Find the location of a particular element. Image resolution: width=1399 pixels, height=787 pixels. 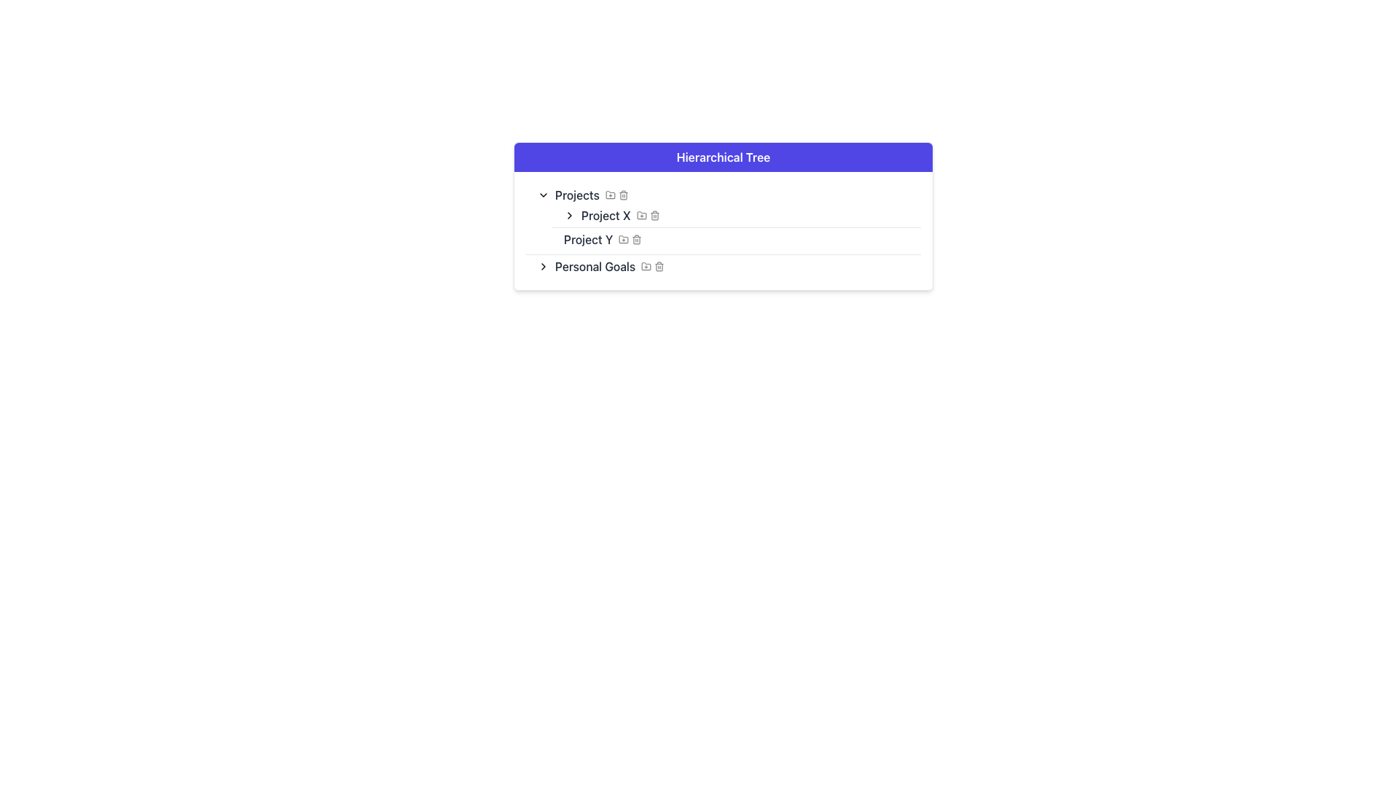

the folder icon with a plus symbol located next to the 'Project Y' label is located at coordinates (624, 238).